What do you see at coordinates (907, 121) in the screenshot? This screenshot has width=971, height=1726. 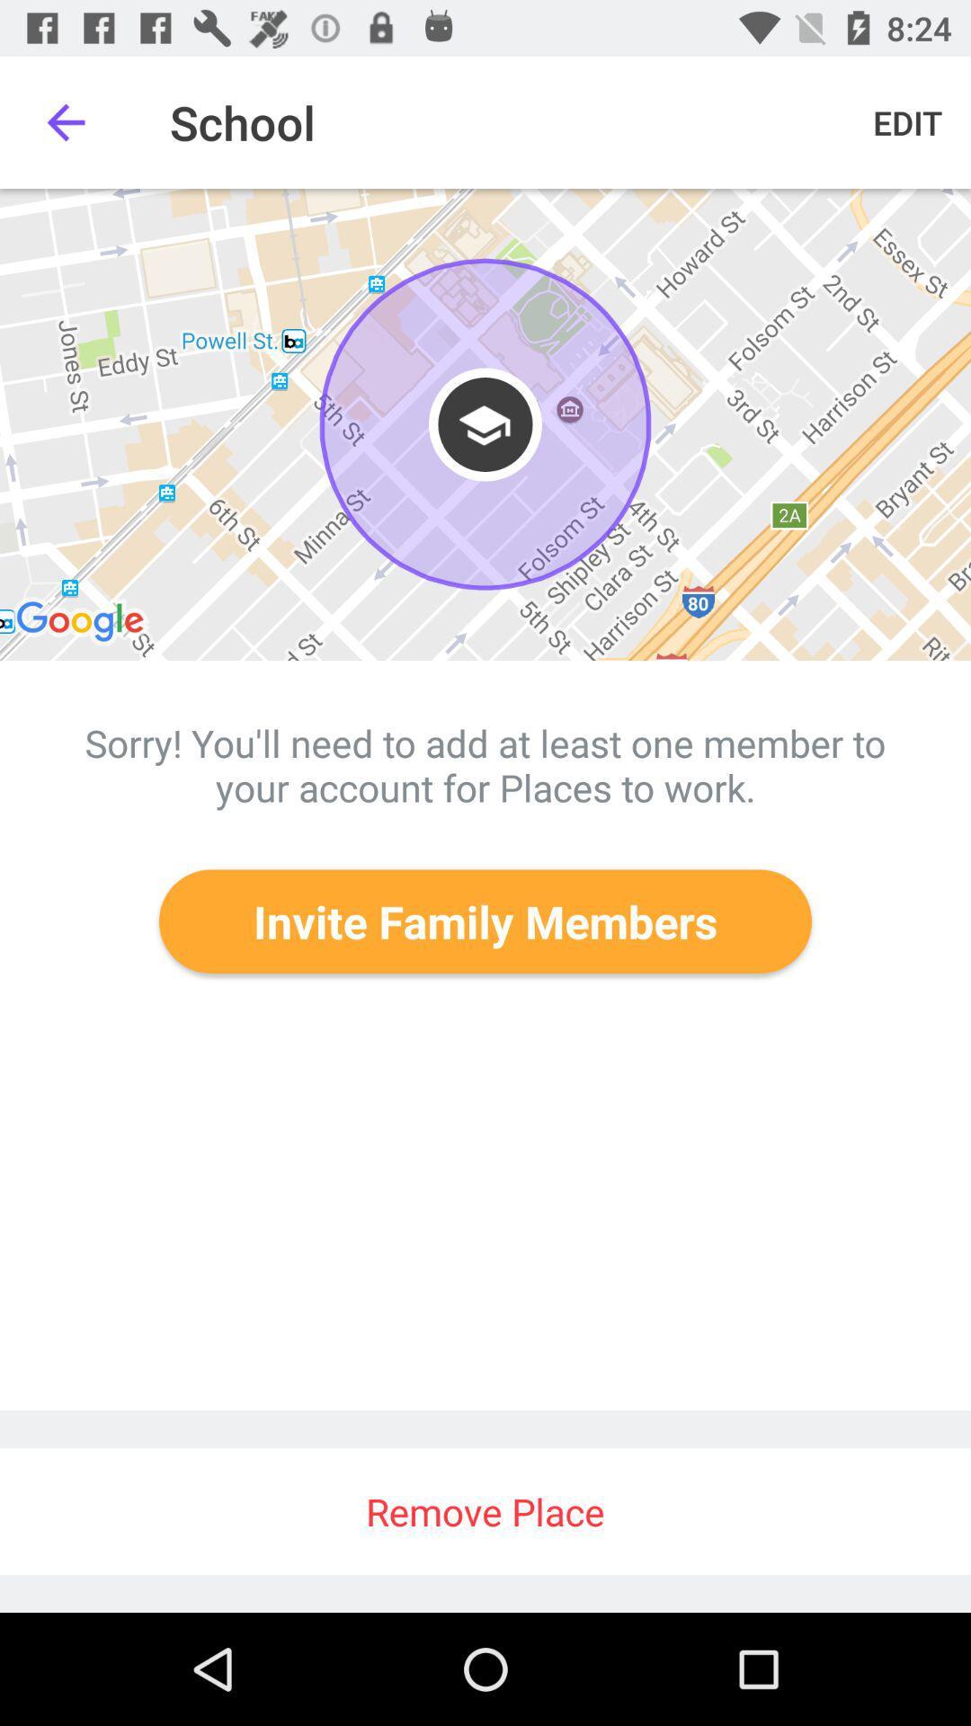 I see `the icon to the right of school` at bounding box center [907, 121].